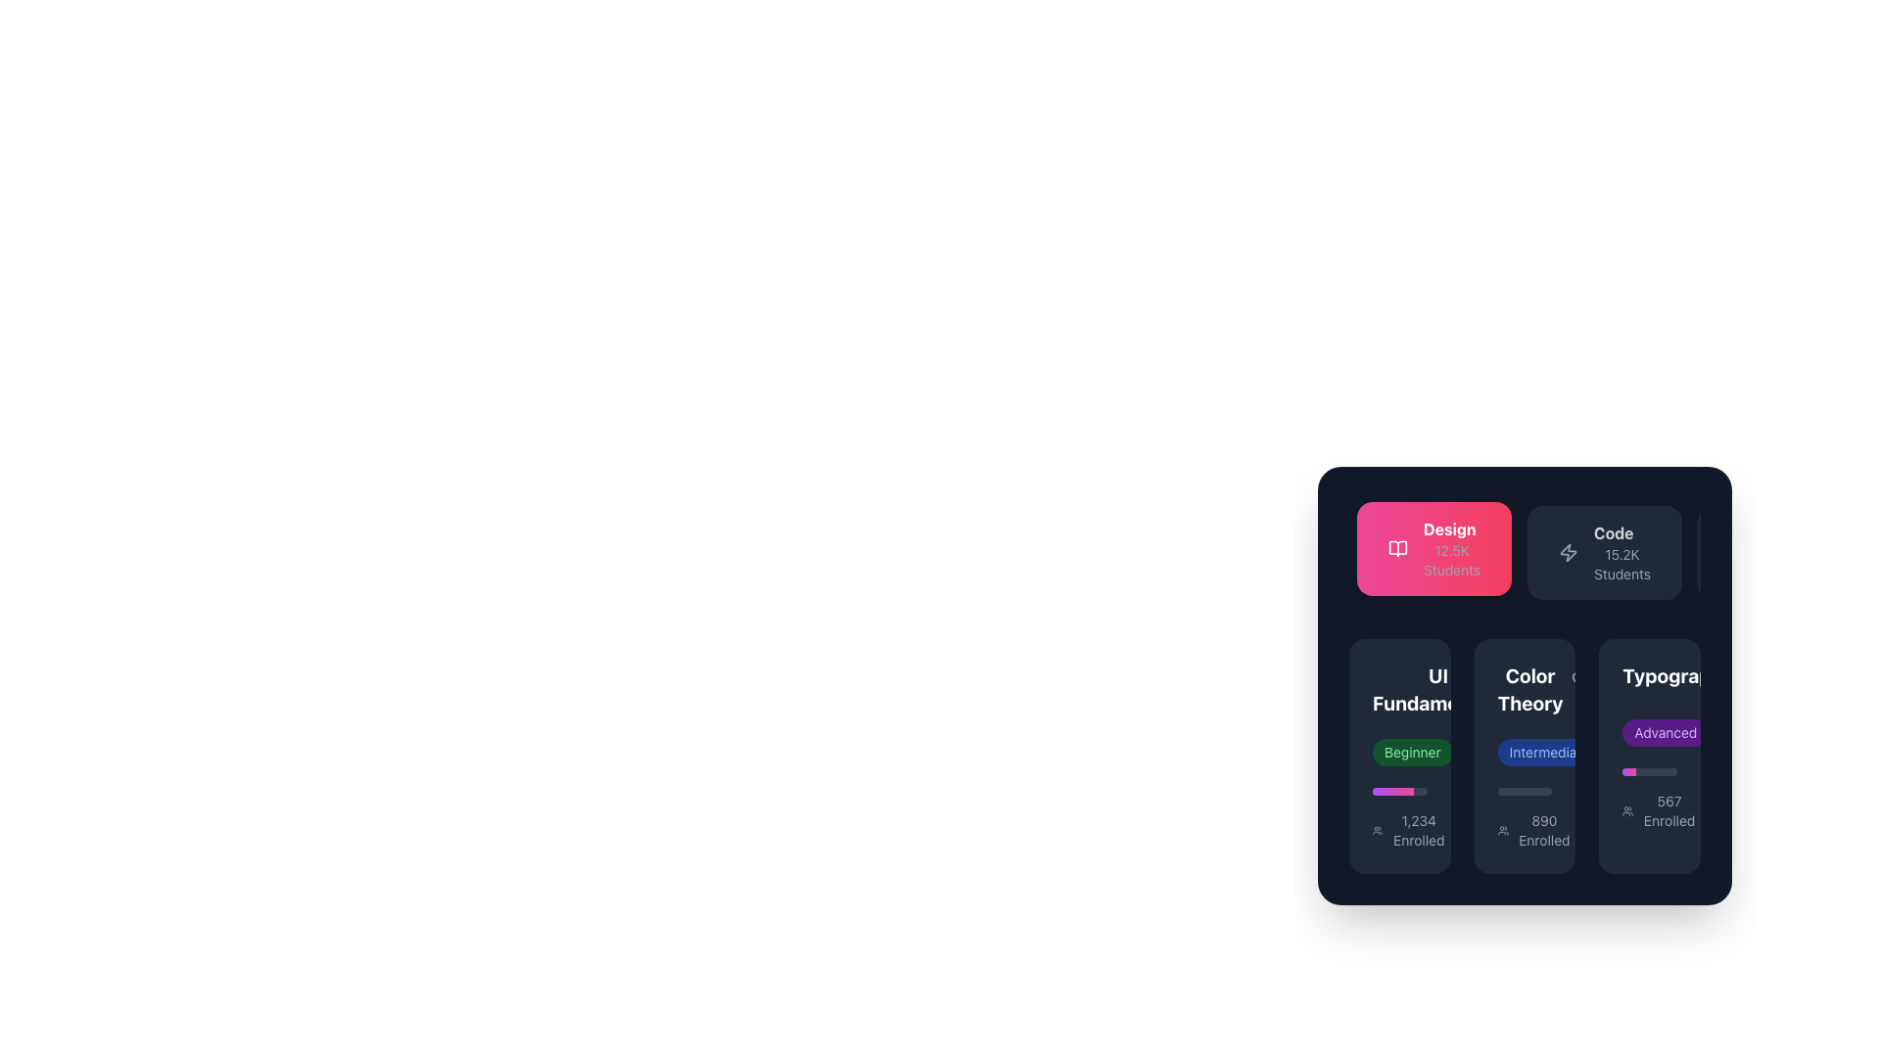 The height and width of the screenshot is (1057, 1880). What do you see at coordinates (1524, 755) in the screenshot?
I see `the 'Color Theory' card, which is the second card in a horizontal layout, featuring a dark background, bold white title, blue 'Intermediate' badge, duration indicator, progress bar, and '890 Enrolled' statistic` at bounding box center [1524, 755].